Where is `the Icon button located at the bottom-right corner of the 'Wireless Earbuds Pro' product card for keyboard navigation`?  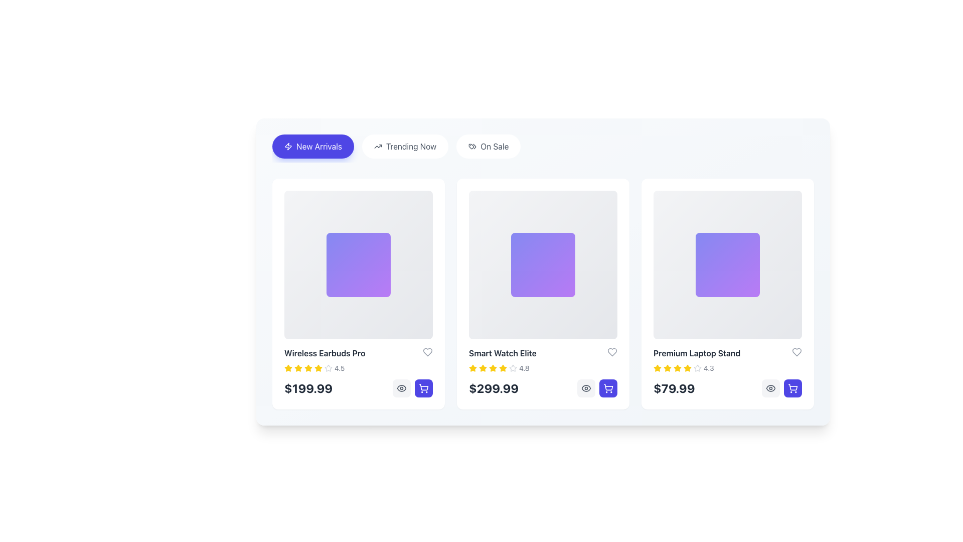
the Icon button located at the bottom-right corner of the 'Wireless Earbuds Pro' product card for keyboard navigation is located at coordinates (423, 388).